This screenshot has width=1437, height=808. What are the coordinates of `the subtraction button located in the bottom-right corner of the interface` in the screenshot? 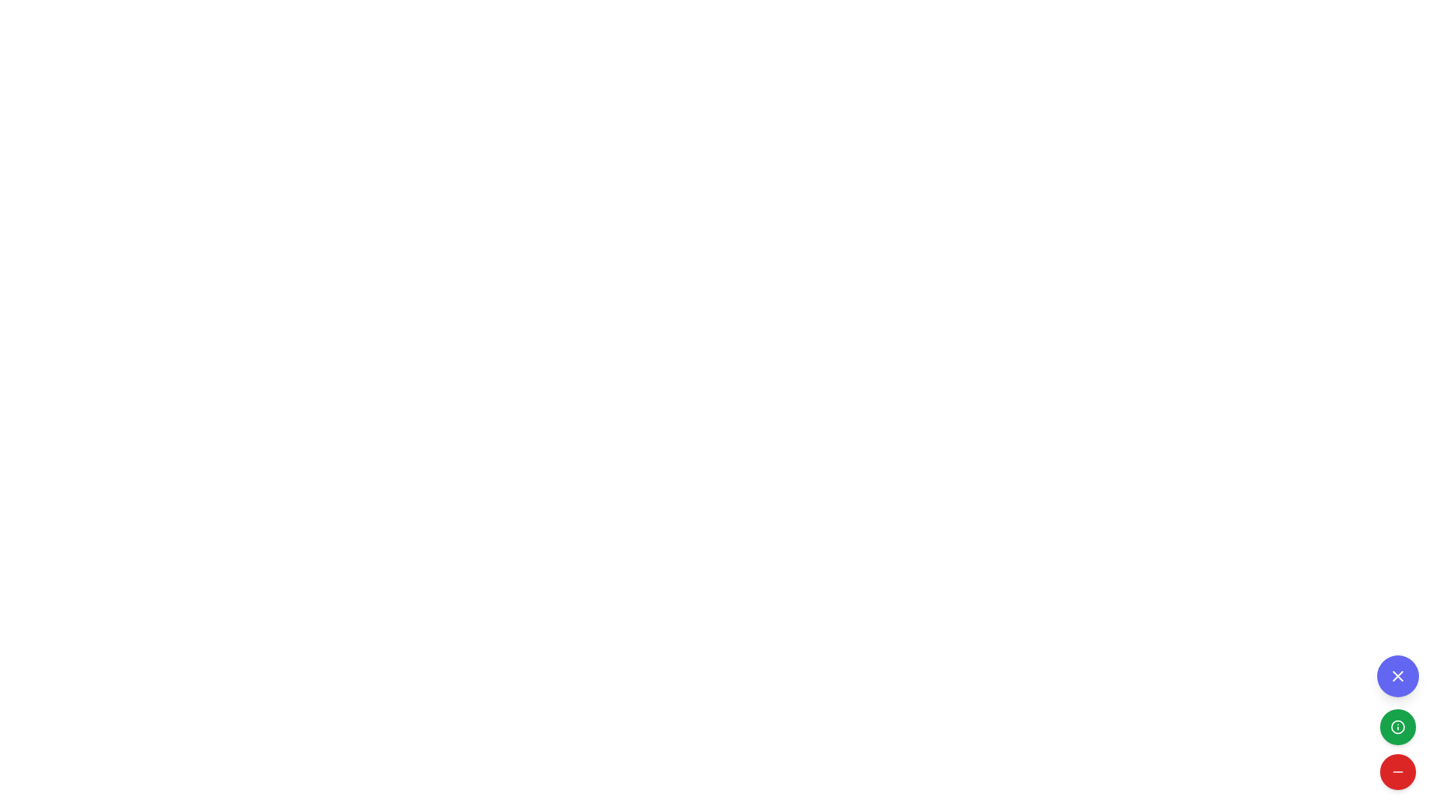 It's located at (1397, 772).